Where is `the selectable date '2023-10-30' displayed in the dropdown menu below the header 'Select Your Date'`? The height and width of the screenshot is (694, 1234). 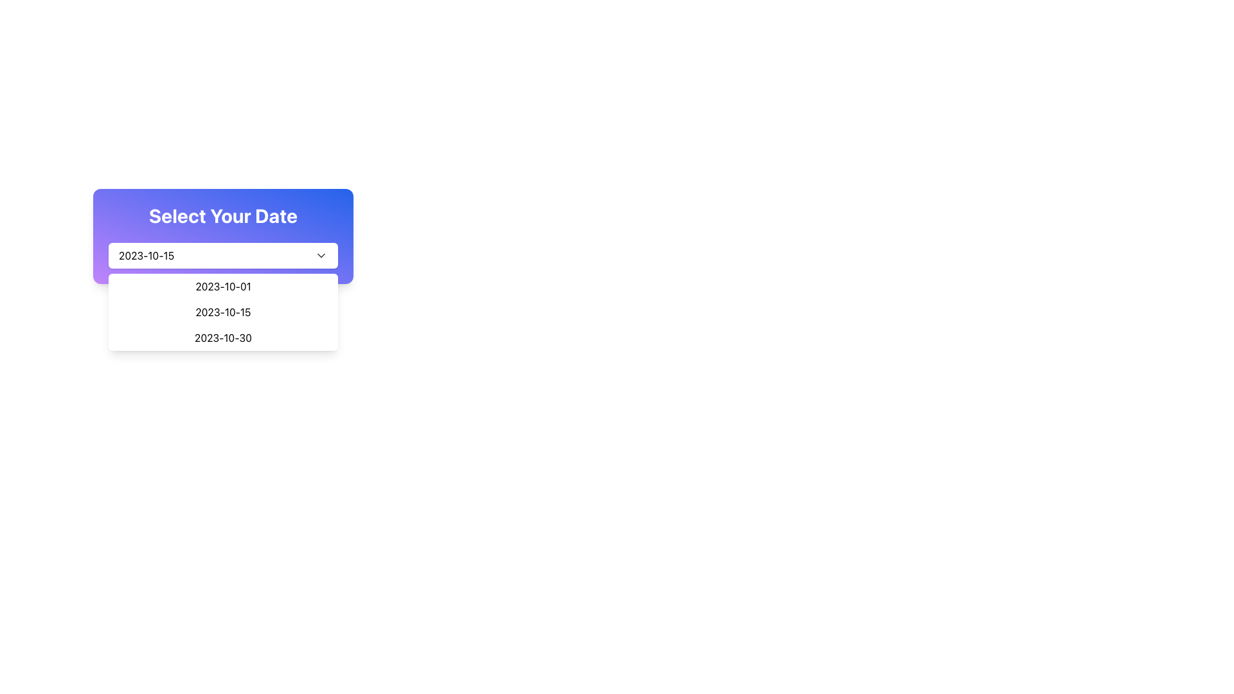
the selectable date '2023-10-30' displayed in the dropdown menu below the header 'Select Your Date' is located at coordinates (223, 337).